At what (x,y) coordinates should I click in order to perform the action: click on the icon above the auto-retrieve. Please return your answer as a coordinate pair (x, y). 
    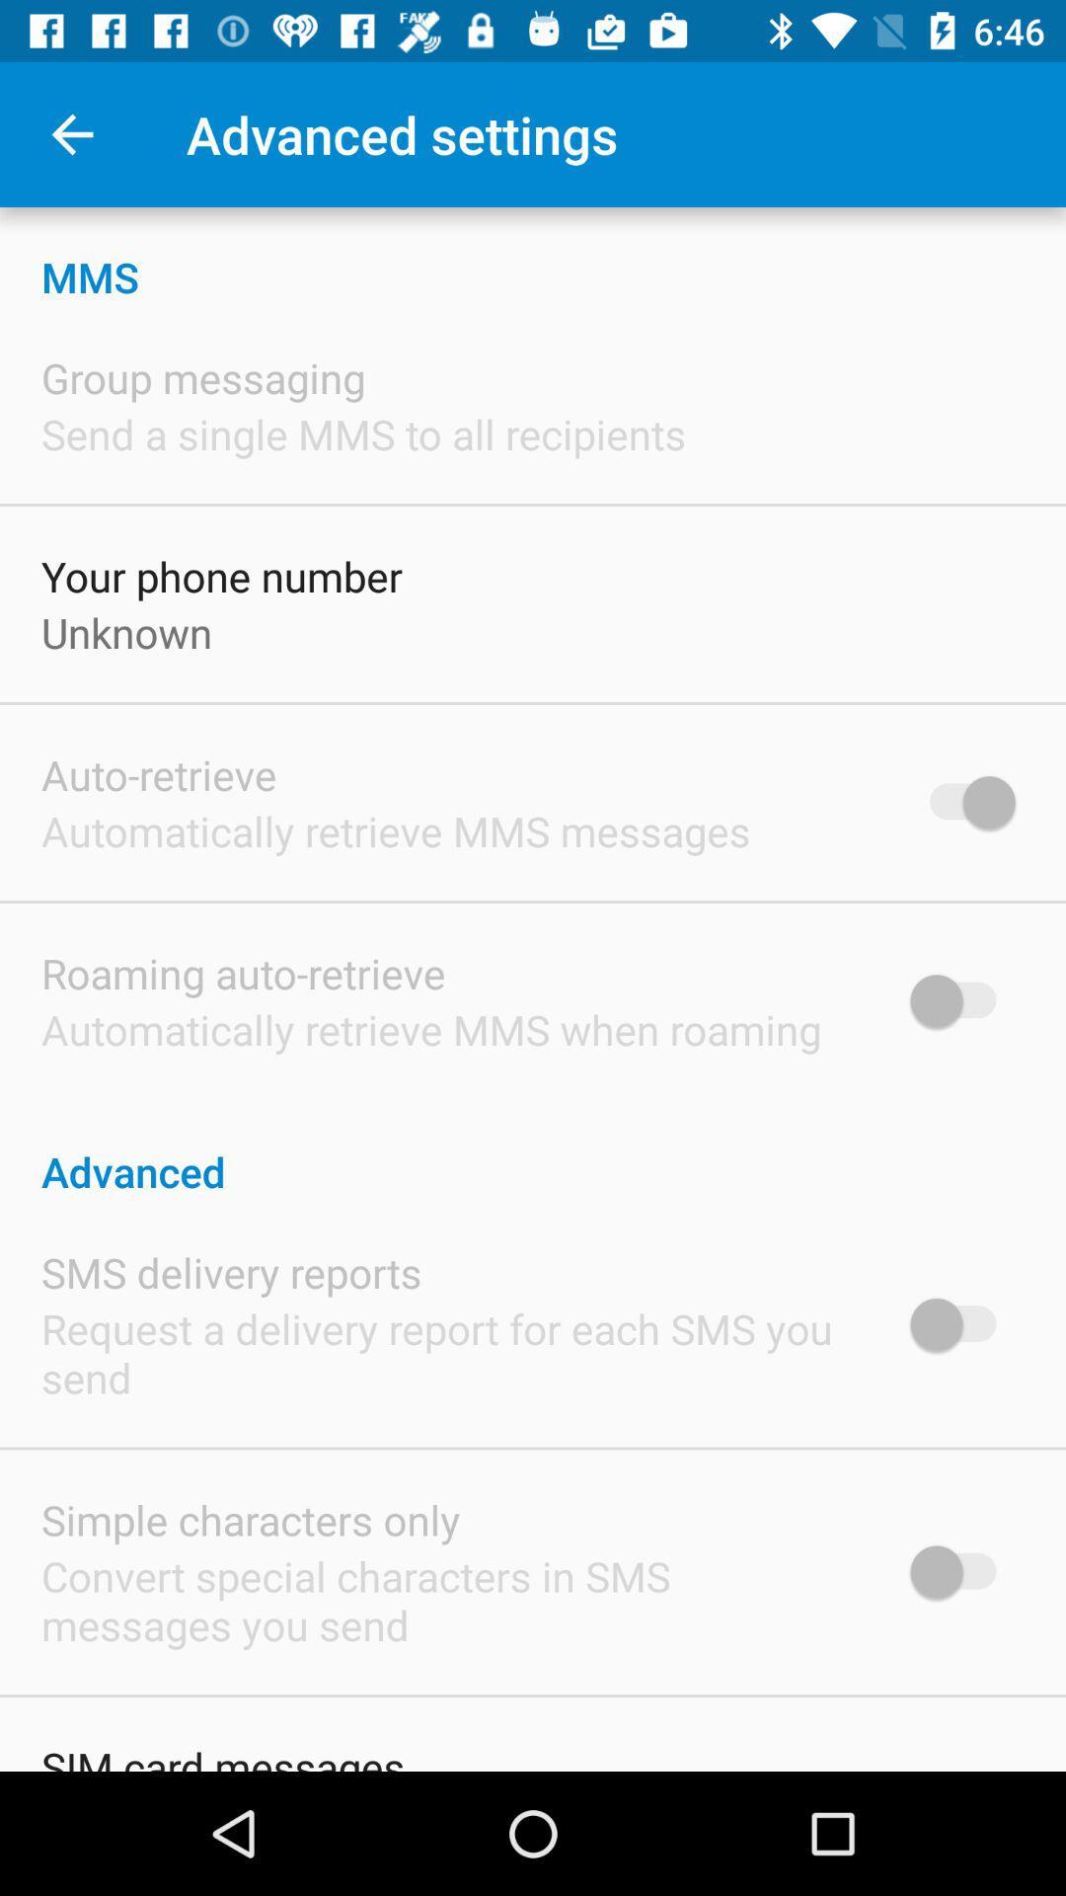
    Looking at the image, I should click on (126, 632).